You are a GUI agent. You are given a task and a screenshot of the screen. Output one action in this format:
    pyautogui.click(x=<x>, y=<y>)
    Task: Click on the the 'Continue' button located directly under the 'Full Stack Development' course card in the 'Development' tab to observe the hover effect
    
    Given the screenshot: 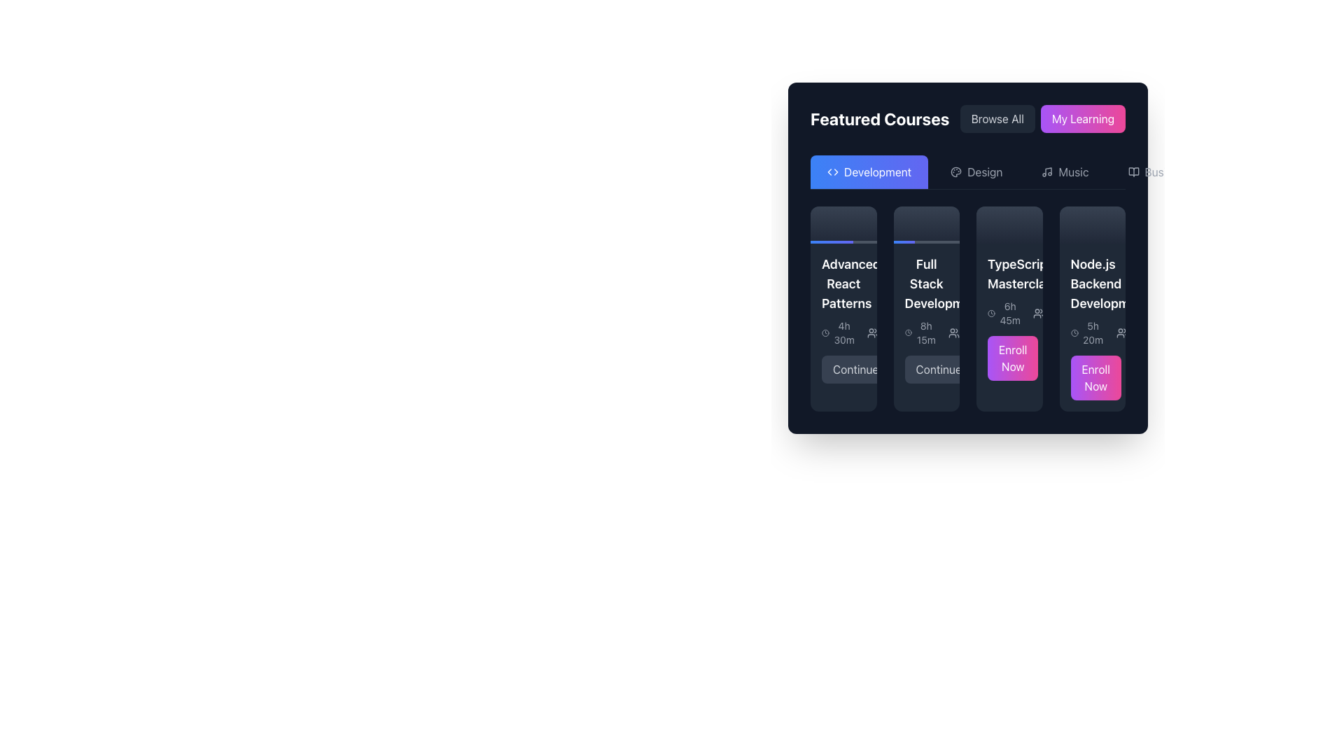 What is the action you would take?
    pyautogui.click(x=939, y=369)
    